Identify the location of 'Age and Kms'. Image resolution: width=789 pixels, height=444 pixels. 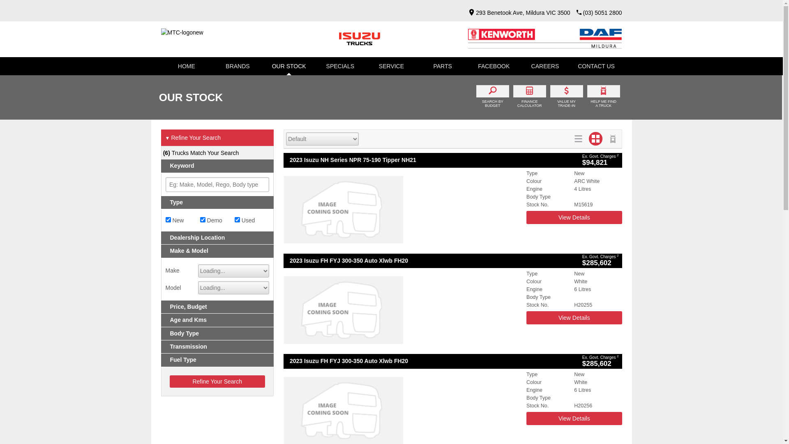
(161, 319).